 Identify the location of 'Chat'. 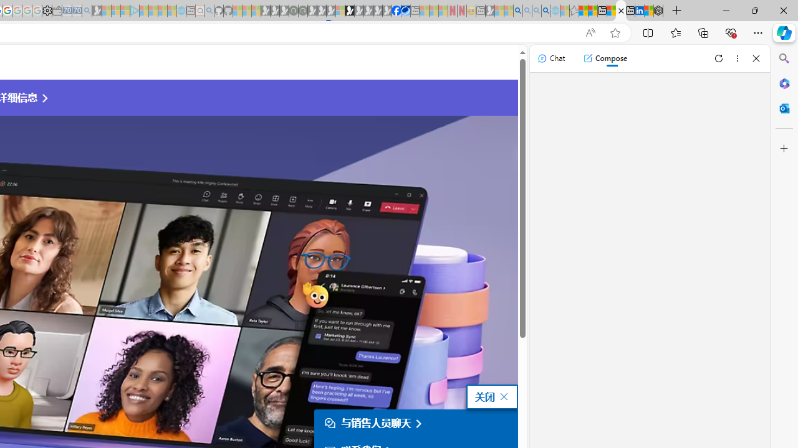
(550, 58).